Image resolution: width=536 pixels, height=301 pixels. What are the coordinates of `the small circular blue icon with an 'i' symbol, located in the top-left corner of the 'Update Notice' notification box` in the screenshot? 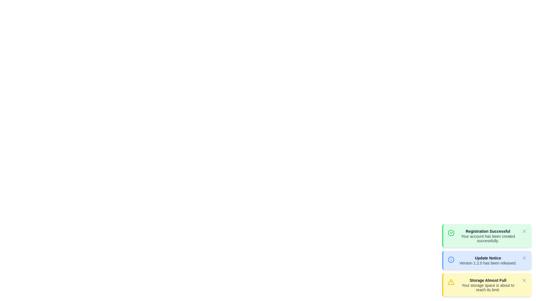 It's located at (451, 259).